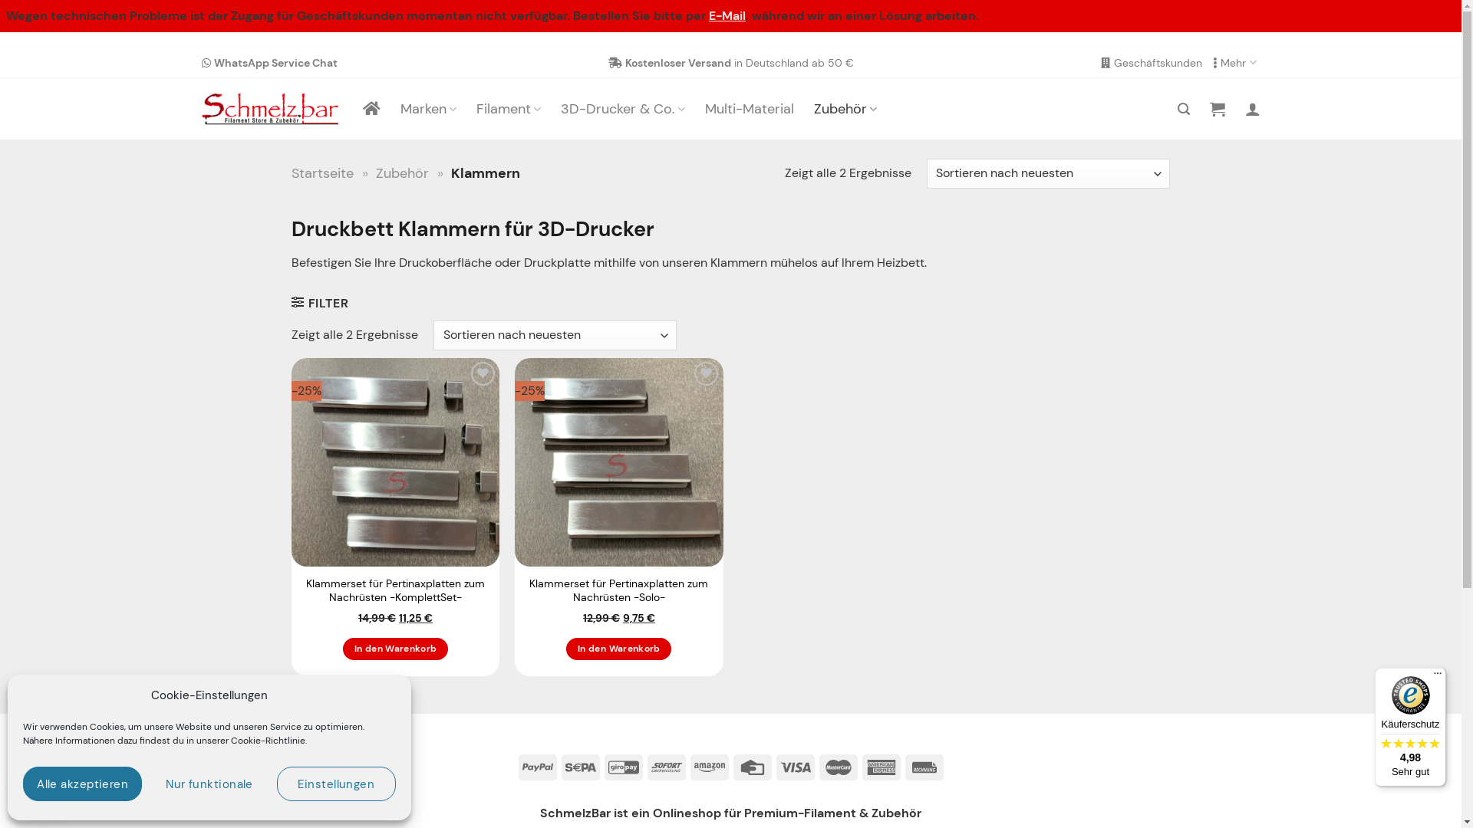 This screenshot has height=828, width=1473. Describe the element at coordinates (0, 47) in the screenshot. I see `'Zum Inhalt springen'` at that location.